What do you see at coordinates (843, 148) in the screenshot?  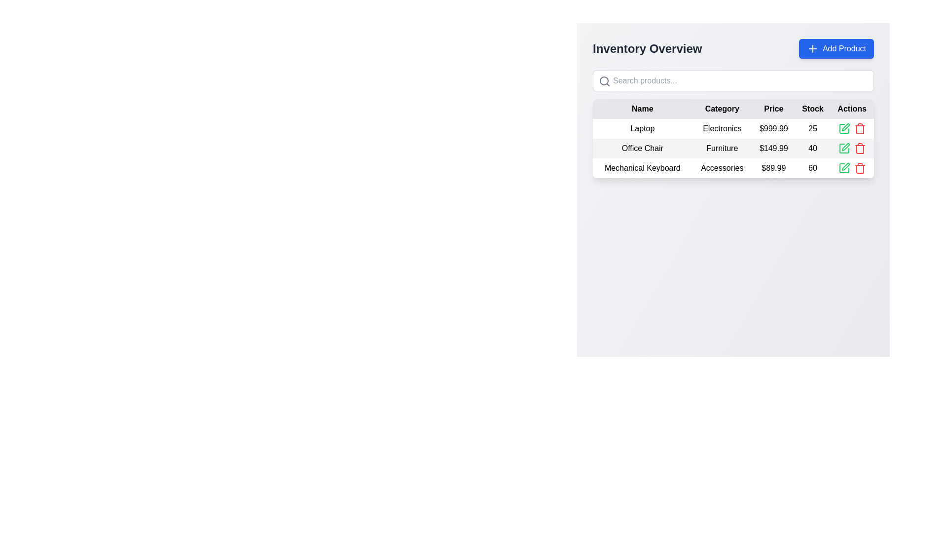 I see `the green pen icon in the actions column of the second row in the inventory table to initiate editing for the 'Office Chair'` at bounding box center [843, 148].